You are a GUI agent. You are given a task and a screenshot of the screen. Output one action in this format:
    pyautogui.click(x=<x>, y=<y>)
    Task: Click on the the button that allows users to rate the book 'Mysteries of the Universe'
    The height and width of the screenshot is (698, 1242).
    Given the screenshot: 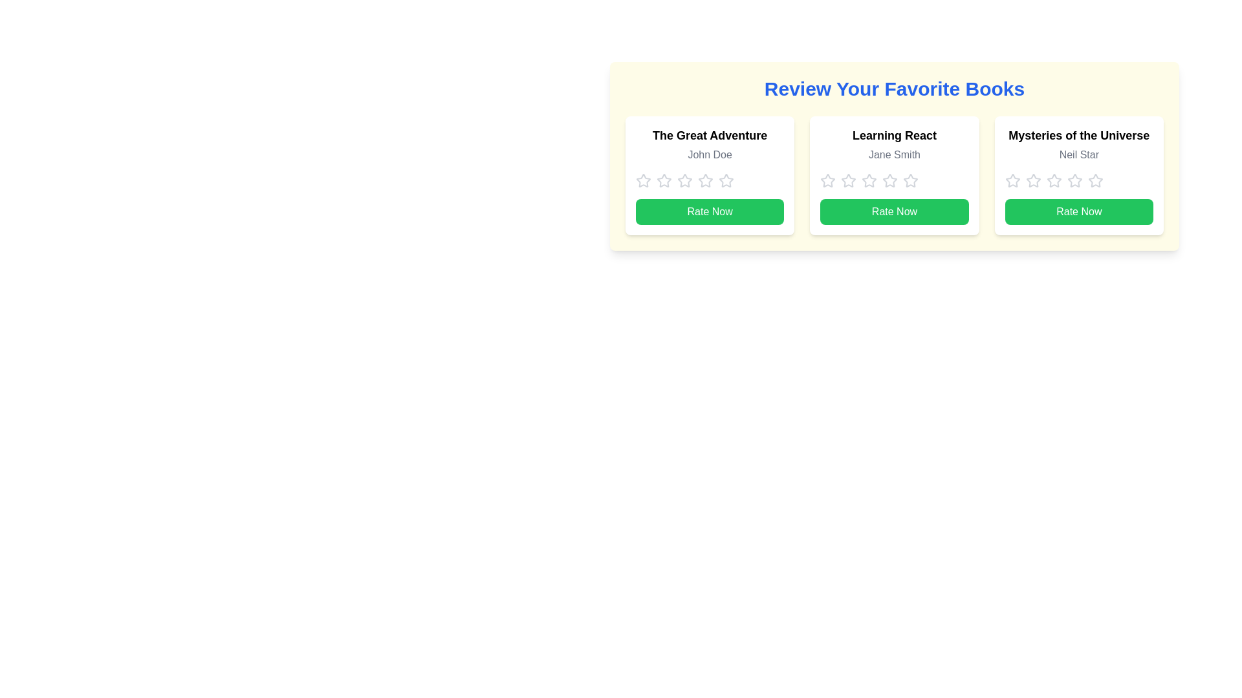 What is the action you would take?
    pyautogui.click(x=1079, y=211)
    